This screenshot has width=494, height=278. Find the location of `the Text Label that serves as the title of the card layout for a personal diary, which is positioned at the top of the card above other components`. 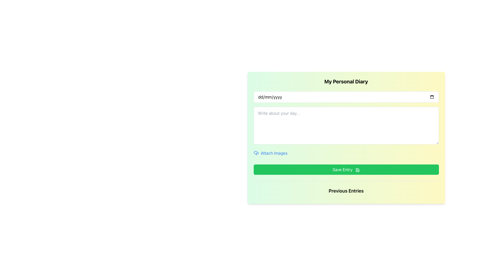

the Text Label that serves as the title of the card layout for a personal diary, which is positioned at the top of the card above other components is located at coordinates (346, 81).